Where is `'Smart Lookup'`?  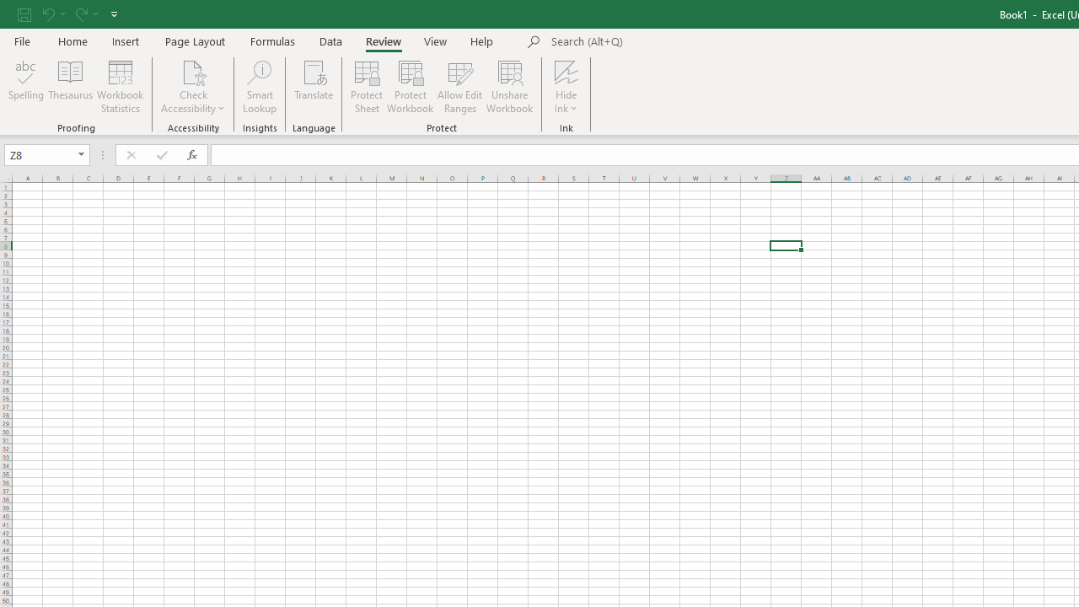
'Smart Lookup' is located at coordinates (259, 87).